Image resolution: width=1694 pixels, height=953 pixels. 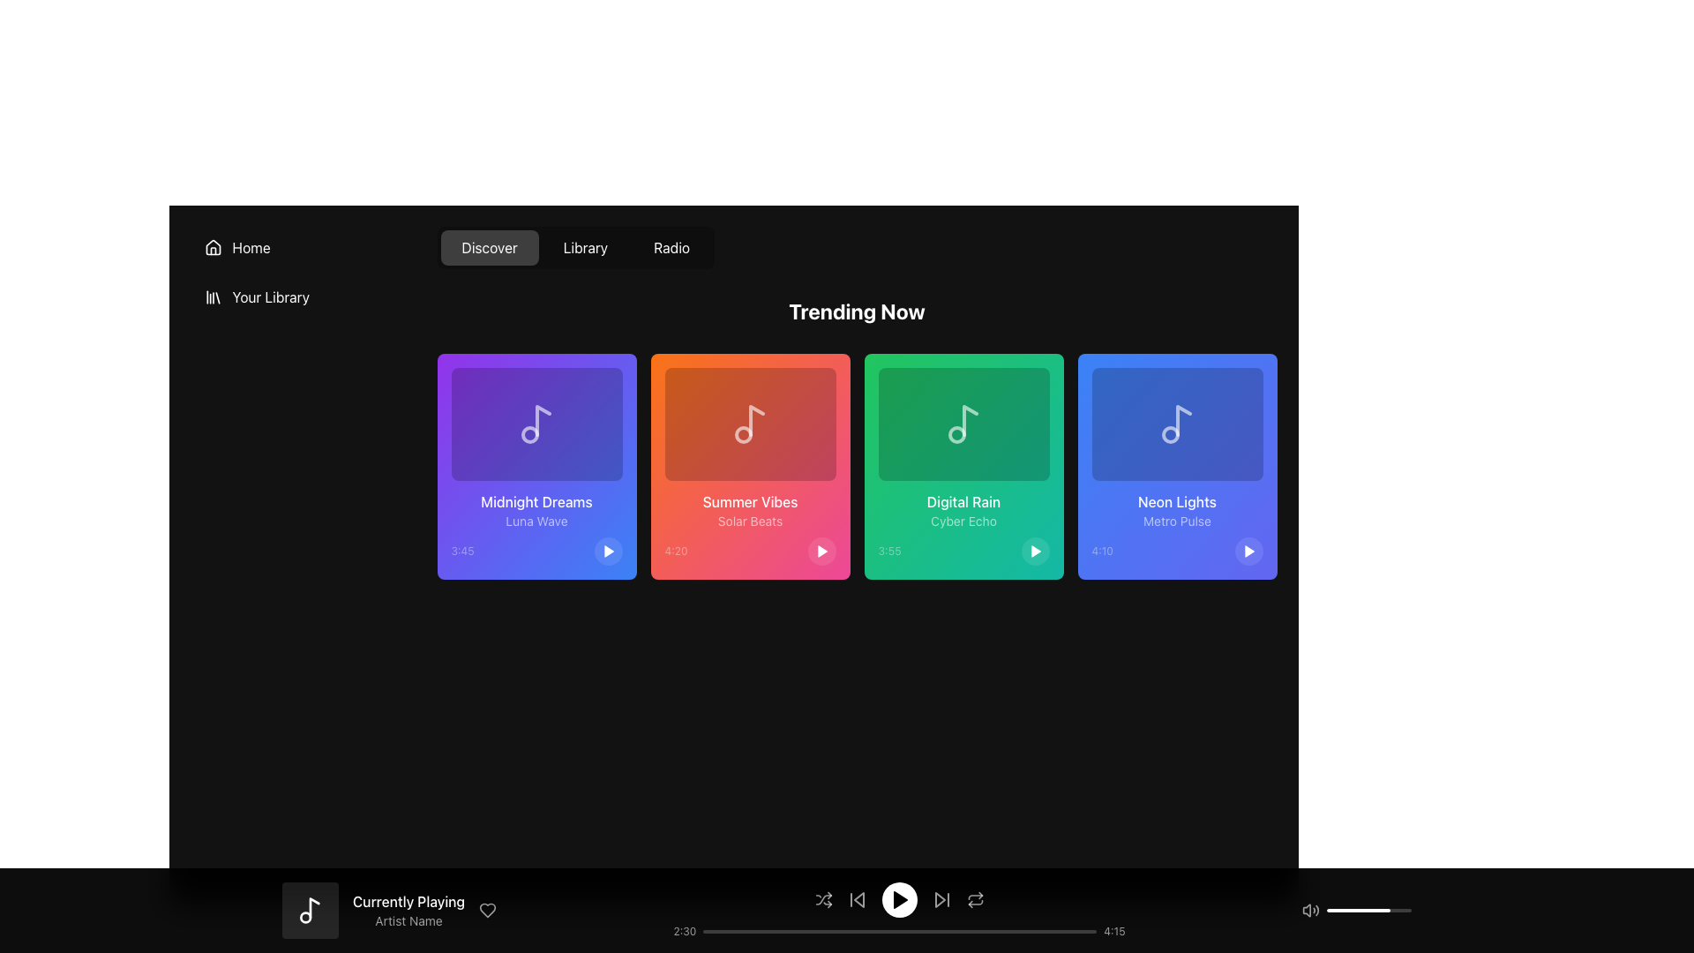 I want to click on the 'Library' navigation button, which is the second button in a horizontal list of three buttons, so click(x=585, y=248).